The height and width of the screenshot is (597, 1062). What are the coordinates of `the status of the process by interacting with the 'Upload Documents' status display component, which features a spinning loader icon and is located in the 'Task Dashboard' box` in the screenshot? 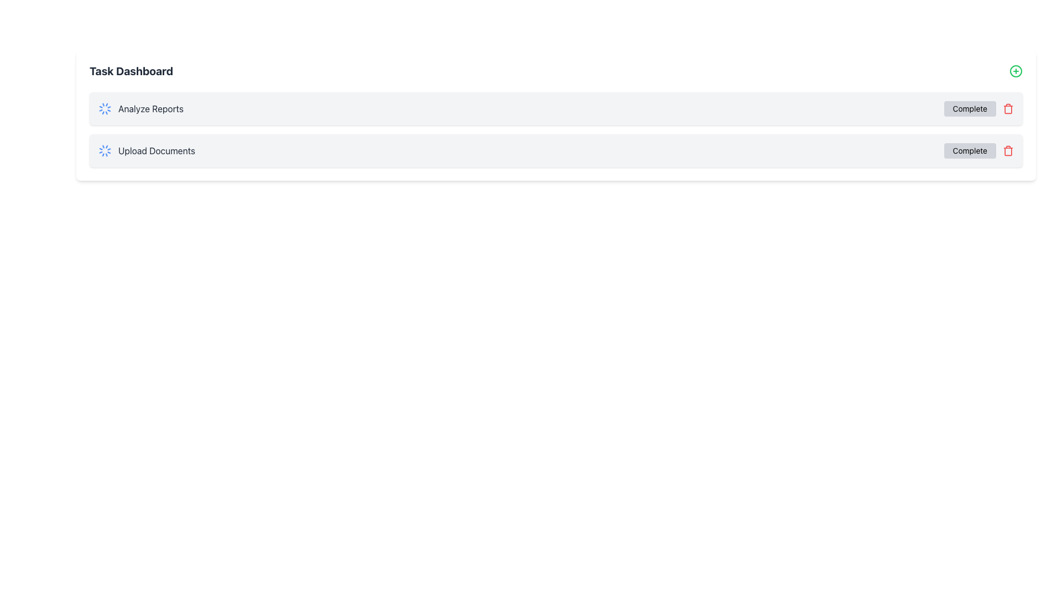 It's located at (146, 151).